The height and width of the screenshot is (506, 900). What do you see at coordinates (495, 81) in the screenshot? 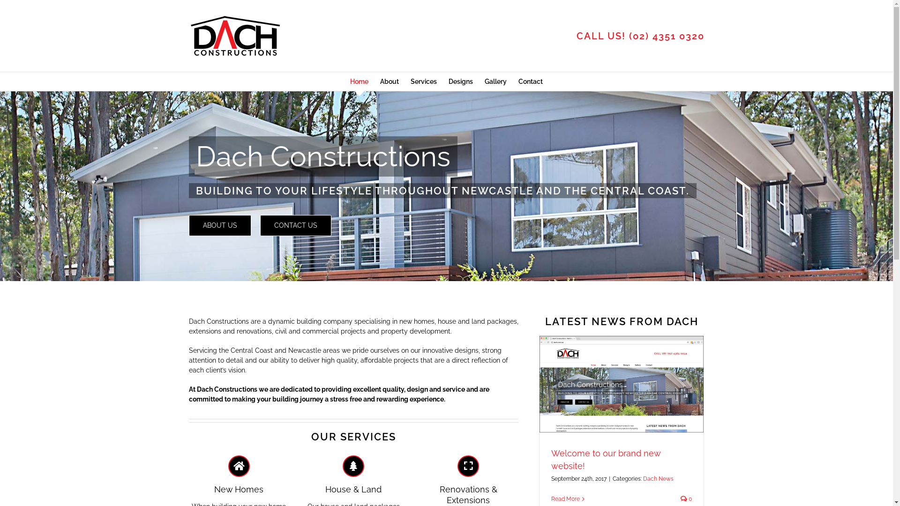
I see `'Gallery'` at bounding box center [495, 81].